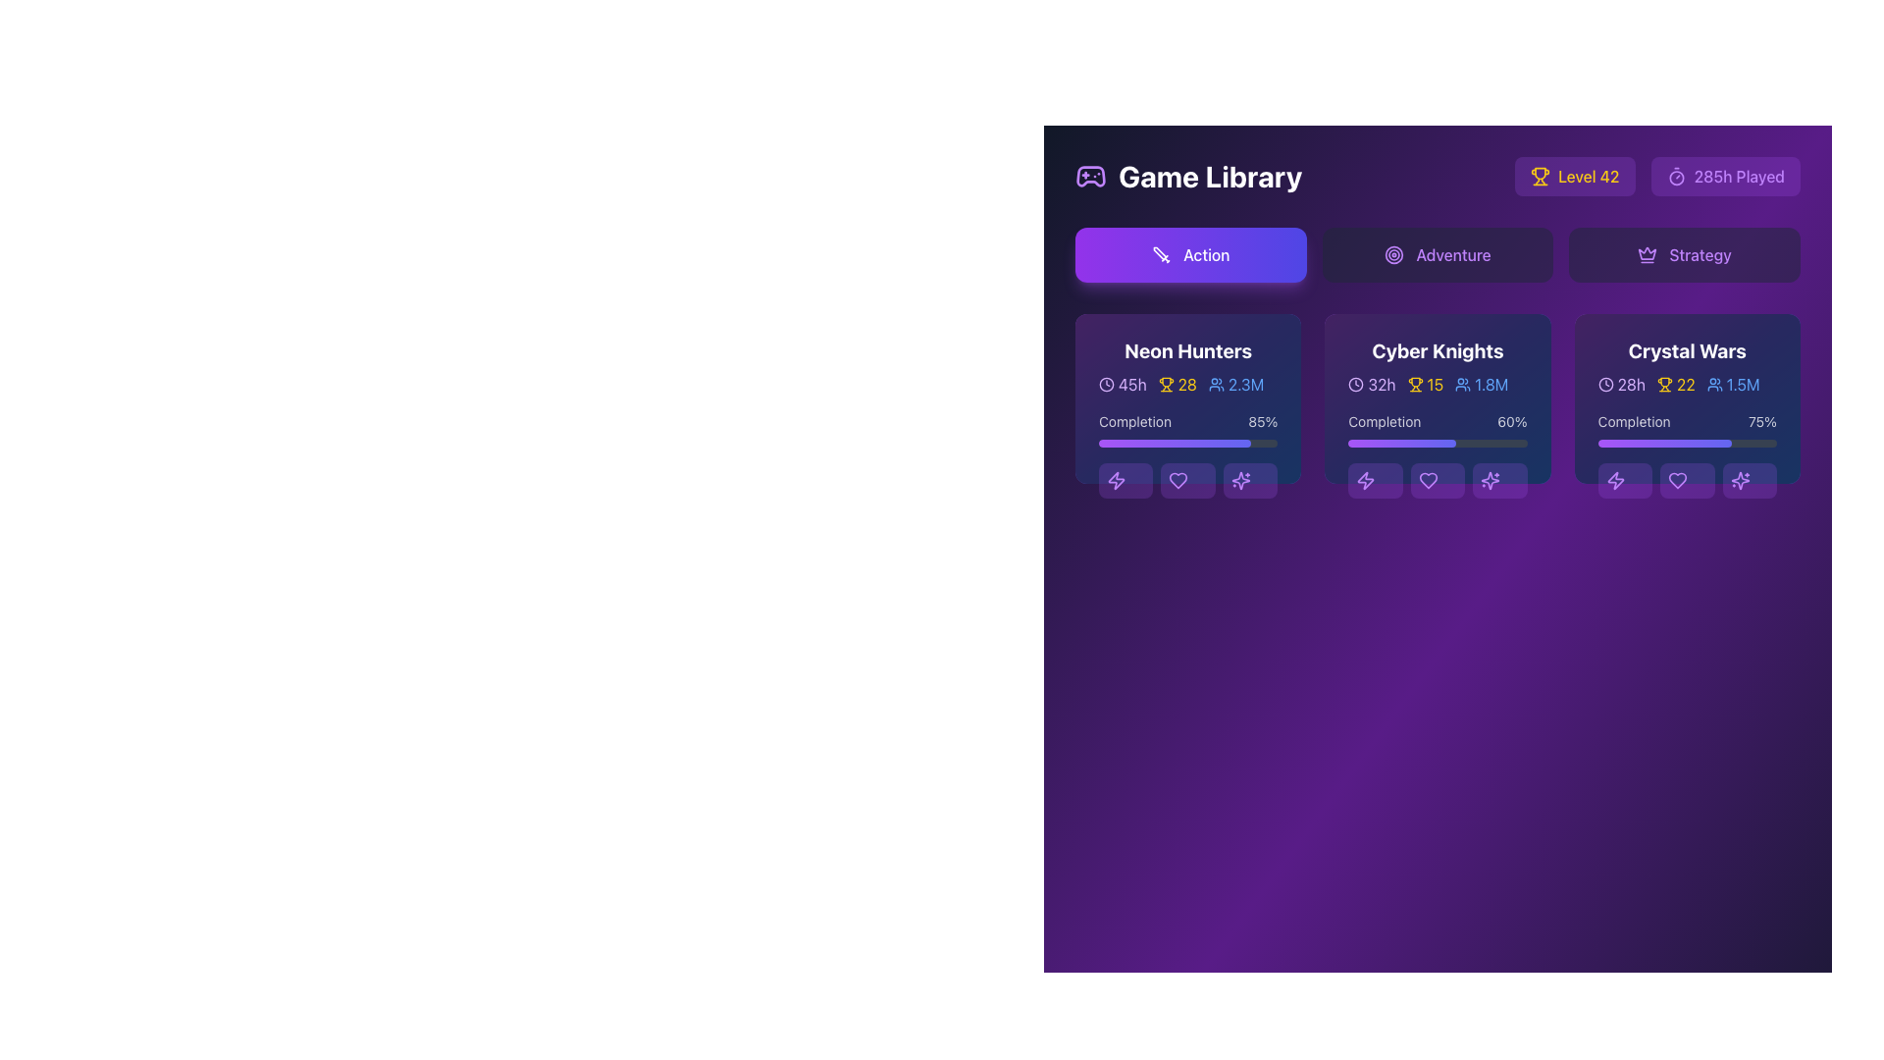  Describe the element at coordinates (1090, 177) in the screenshot. I see `the decorative gaming theme icon located in the top-left corner of the application near the 'Game Library' header` at that location.